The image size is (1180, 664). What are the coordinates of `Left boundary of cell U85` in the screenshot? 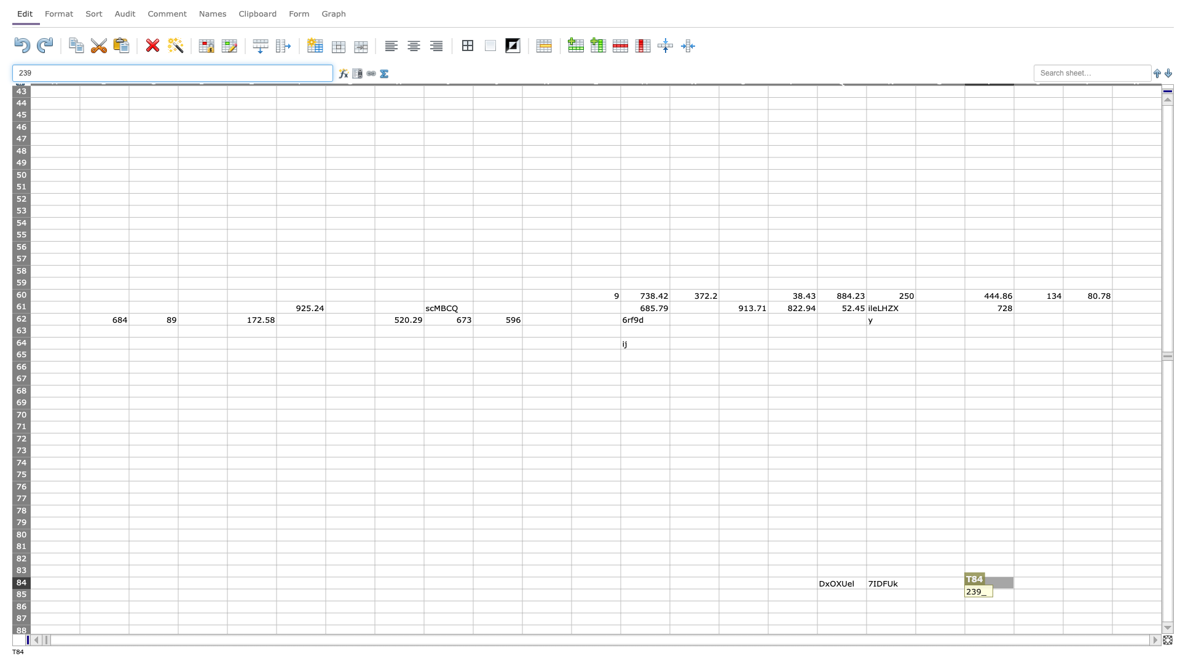 It's located at (1014, 594).